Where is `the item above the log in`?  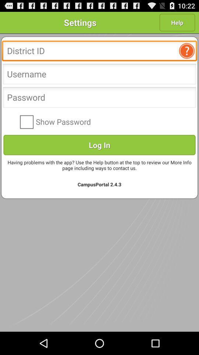
the item above the log in is located at coordinates (107, 121).